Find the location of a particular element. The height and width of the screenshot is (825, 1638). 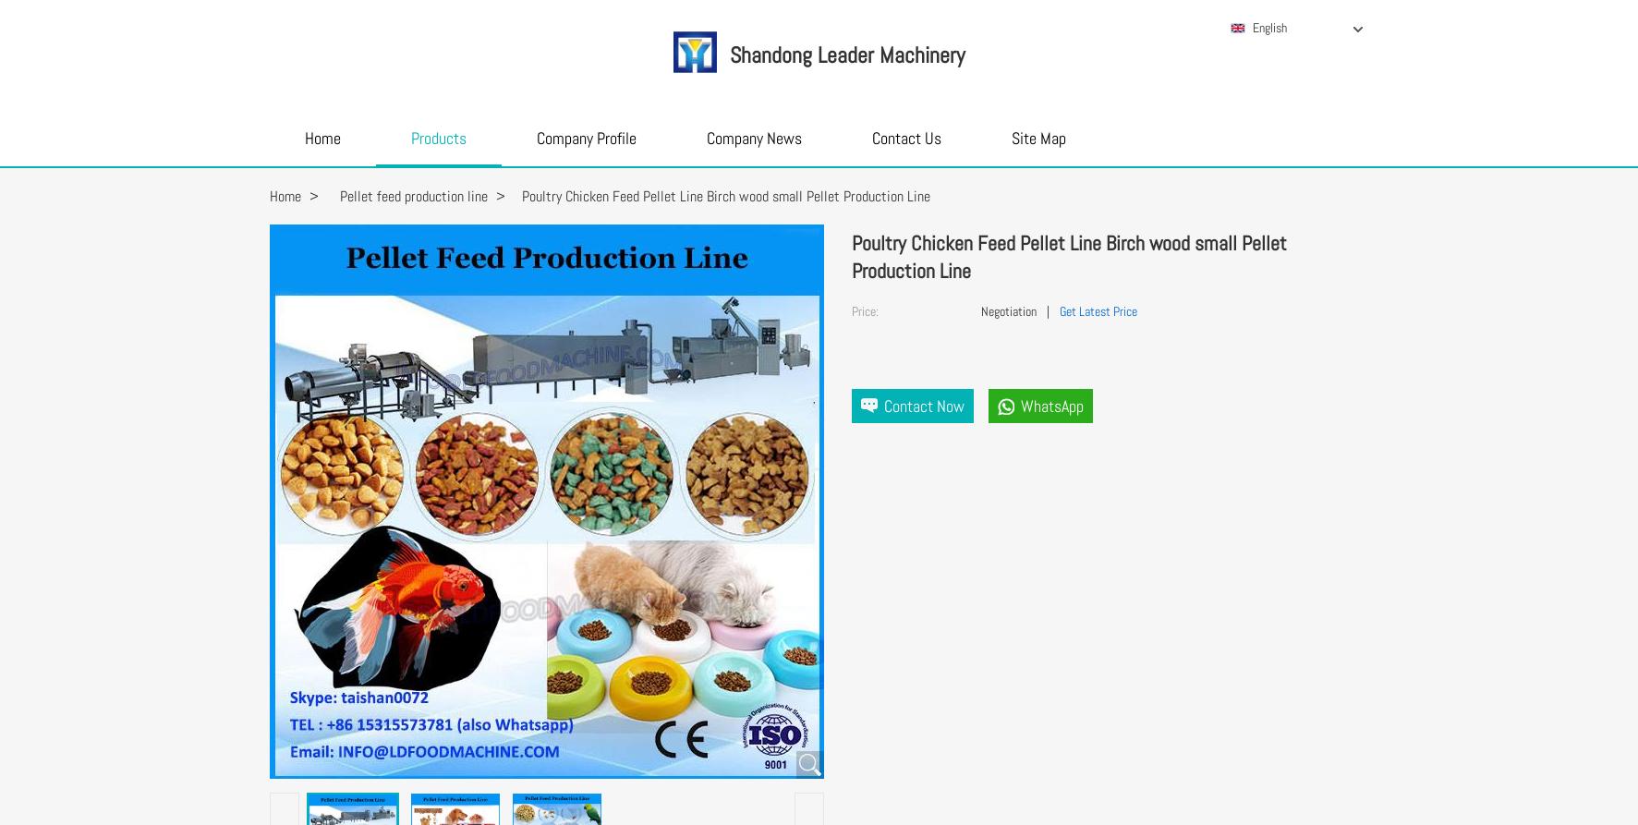

'Pellet feed production line' is located at coordinates (411, 195).